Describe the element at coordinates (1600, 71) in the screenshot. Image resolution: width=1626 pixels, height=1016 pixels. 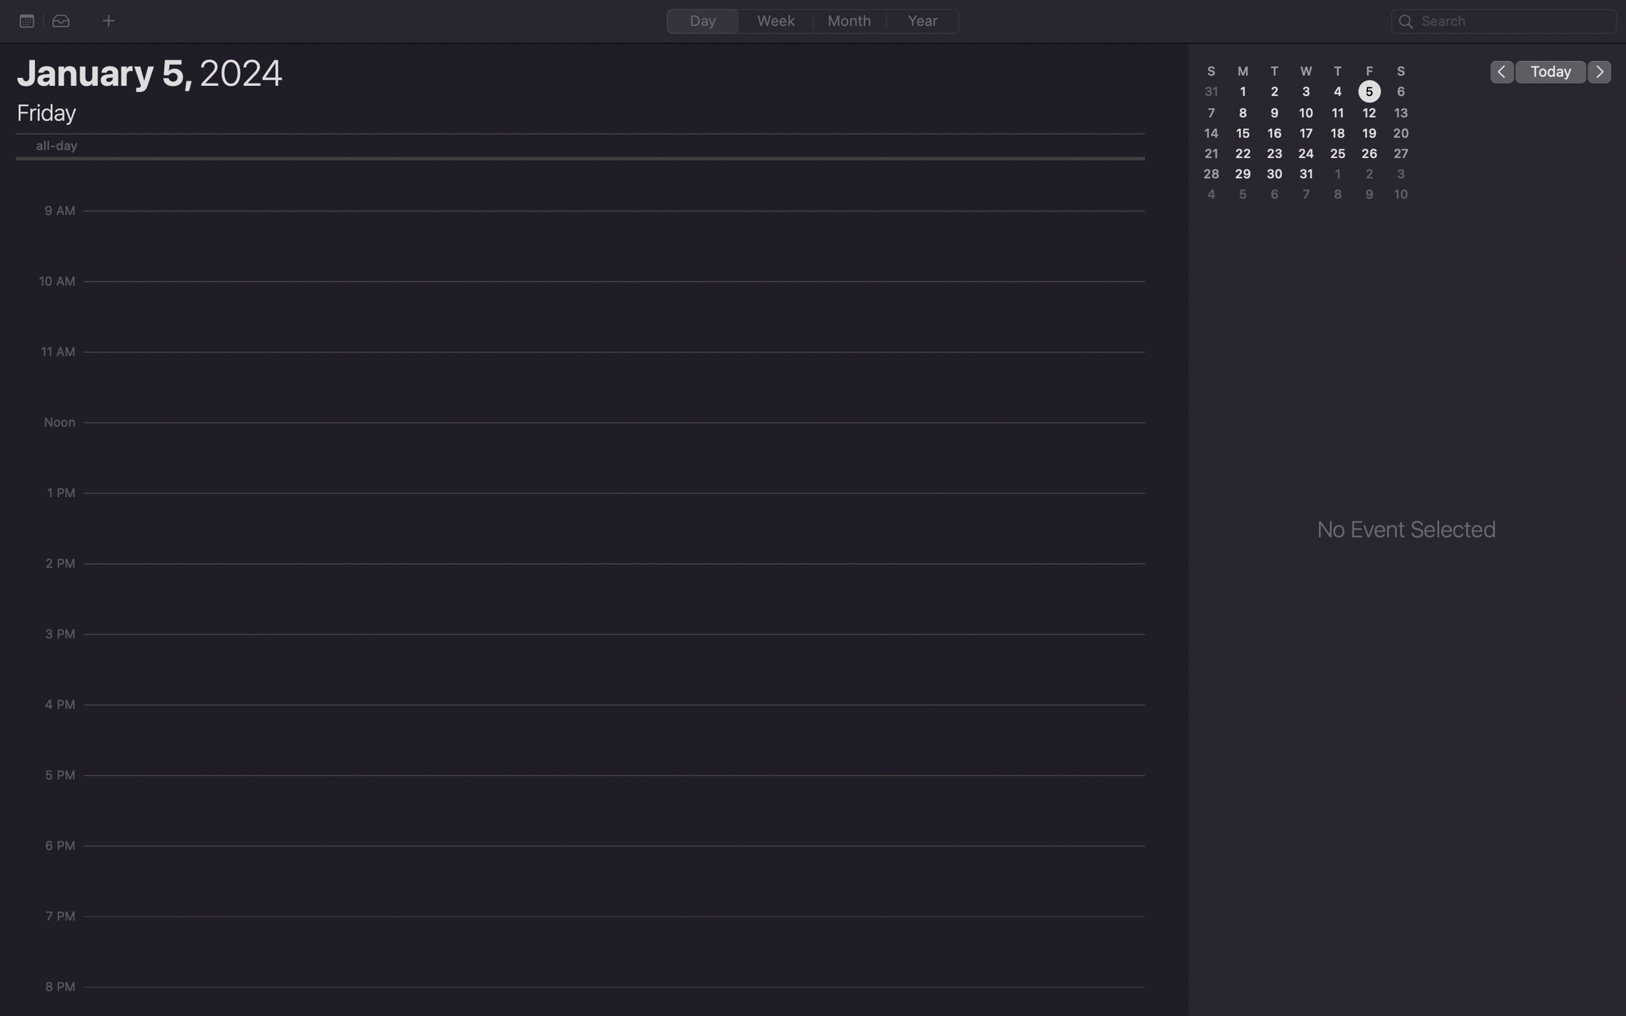
I see `Go to the next day on the calendar` at that location.